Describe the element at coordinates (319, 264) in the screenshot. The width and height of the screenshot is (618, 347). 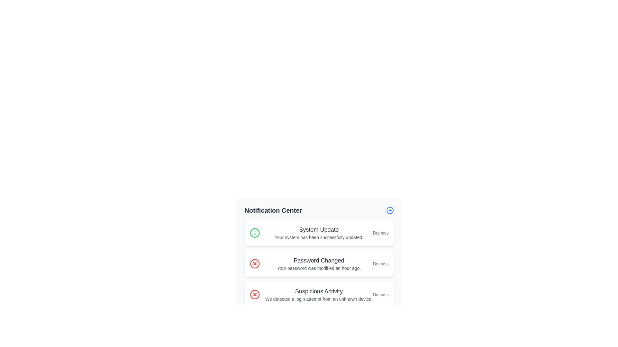
I see `the second notification in the Notification Center that informs the user about a recent password change` at that location.